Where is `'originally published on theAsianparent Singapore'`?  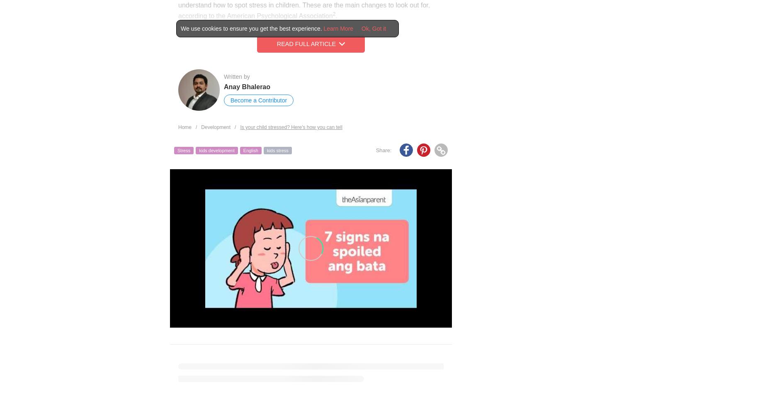 'originally published on theAsianparent Singapore' is located at coordinates (297, 382).